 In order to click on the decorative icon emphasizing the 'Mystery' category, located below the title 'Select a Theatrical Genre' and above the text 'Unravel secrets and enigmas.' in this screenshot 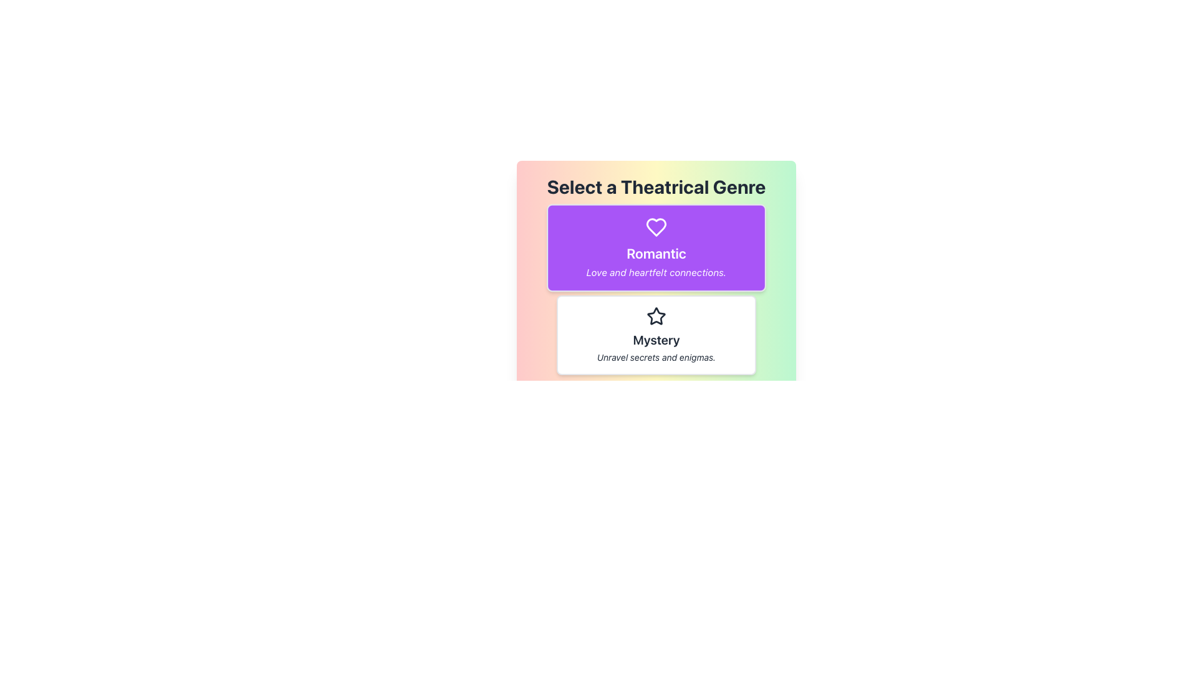, I will do `click(655, 316)`.